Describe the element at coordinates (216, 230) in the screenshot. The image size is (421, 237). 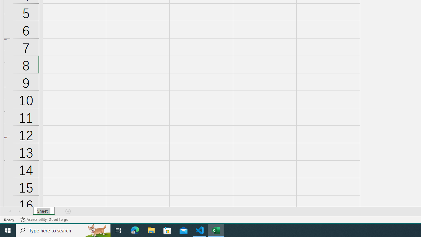
I see `'Excel - 1 running window'` at that location.